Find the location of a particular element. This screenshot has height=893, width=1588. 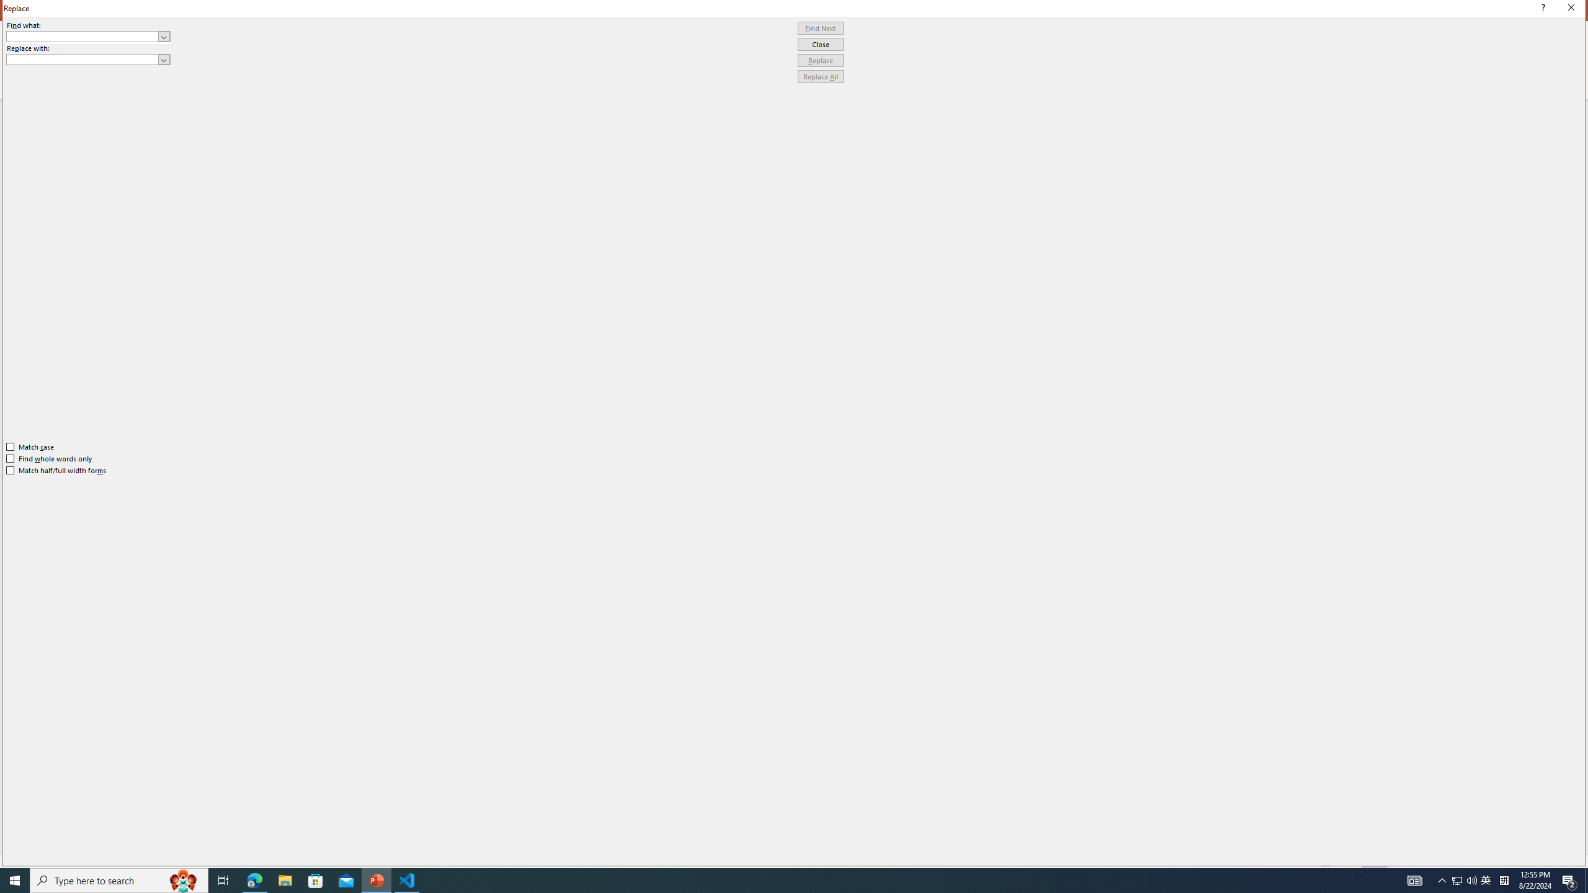

'Replace All' is located at coordinates (820, 76).